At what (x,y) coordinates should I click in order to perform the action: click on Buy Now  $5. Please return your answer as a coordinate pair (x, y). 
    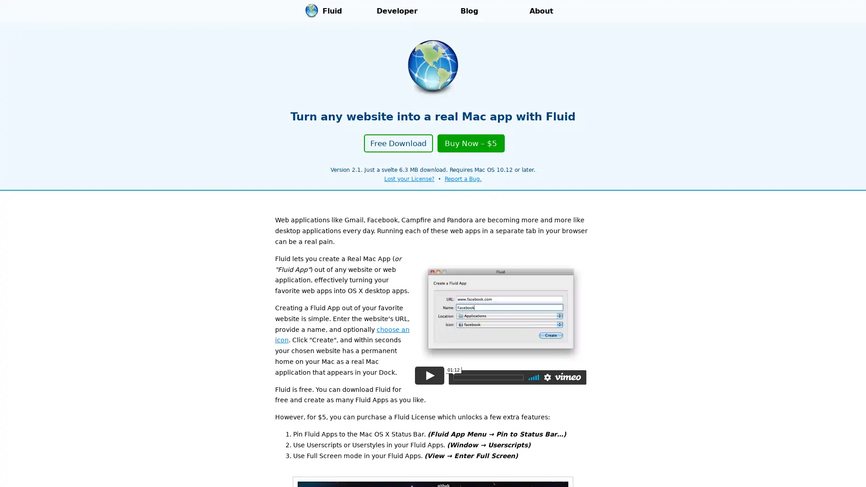
    Looking at the image, I should click on (470, 142).